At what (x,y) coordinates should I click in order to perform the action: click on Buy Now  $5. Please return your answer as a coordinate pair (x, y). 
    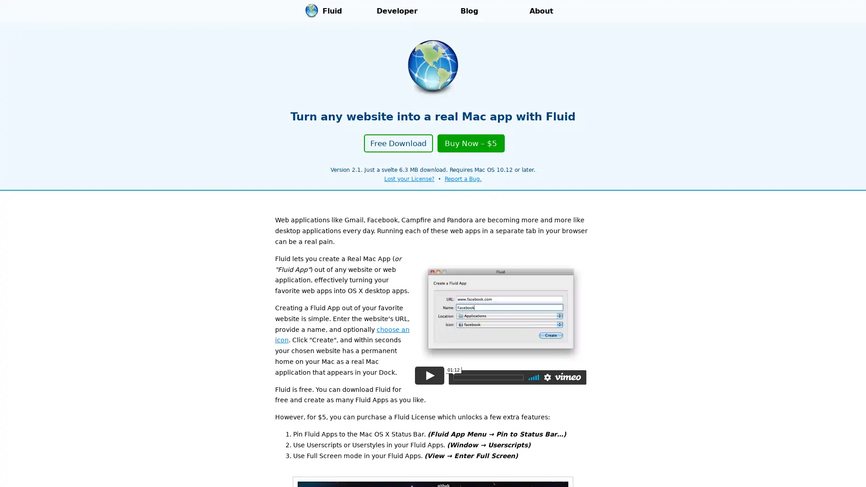
    Looking at the image, I should click on (470, 142).